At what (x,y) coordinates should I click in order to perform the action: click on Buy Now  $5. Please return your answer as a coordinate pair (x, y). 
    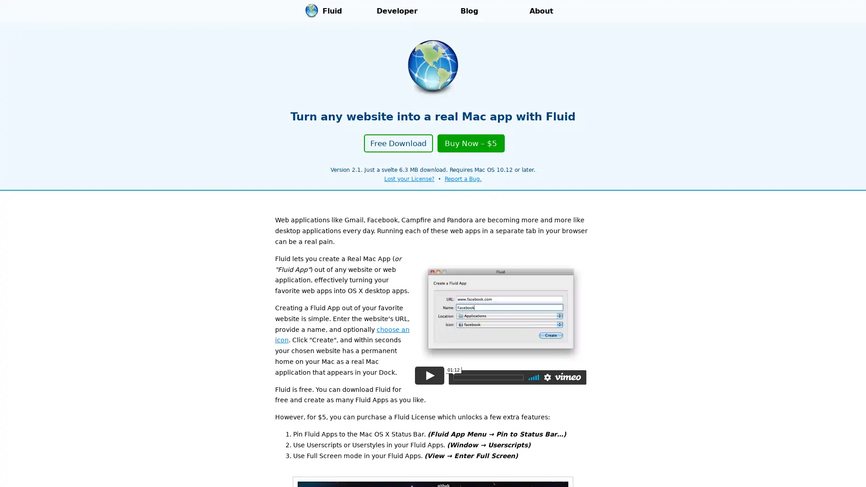
    Looking at the image, I should click on (470, 142).